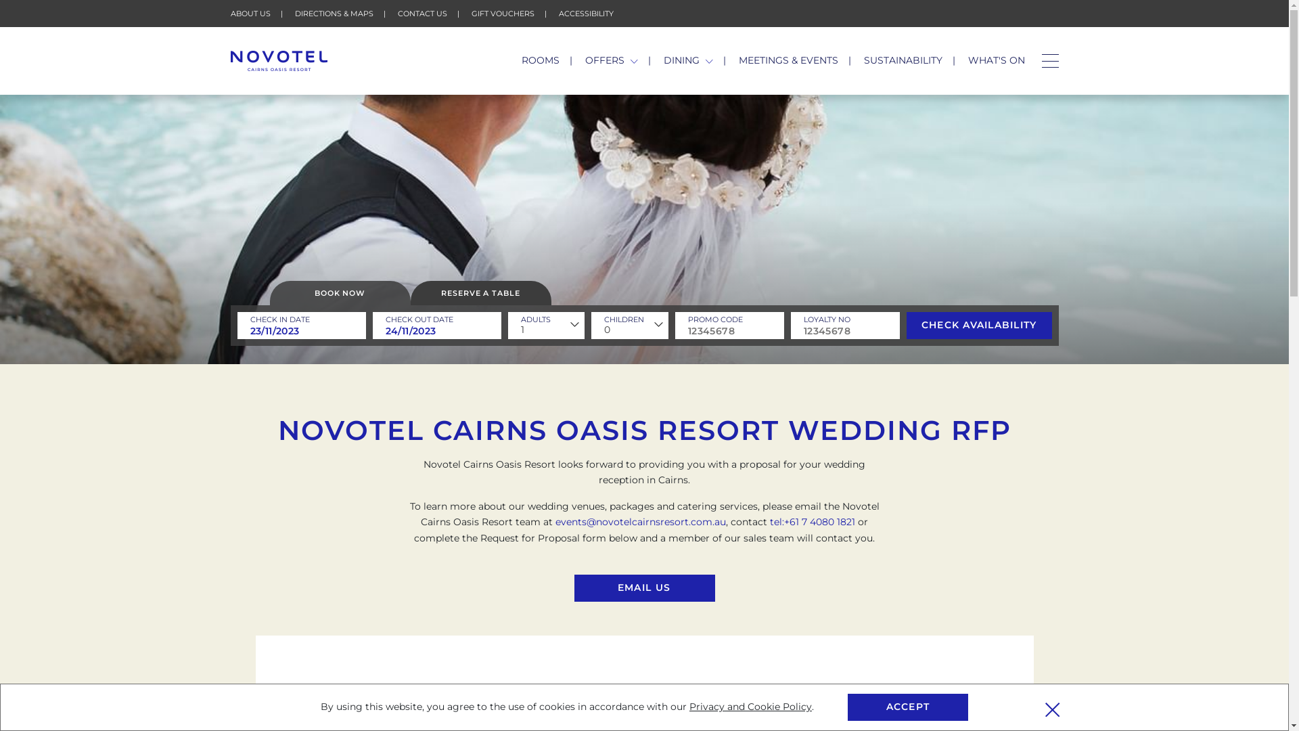 The height and width of the screenshot is (731, 1299). Describe the element at coordinates (539, 60) in the screenshot. I see `'ROOMS'` at that location.